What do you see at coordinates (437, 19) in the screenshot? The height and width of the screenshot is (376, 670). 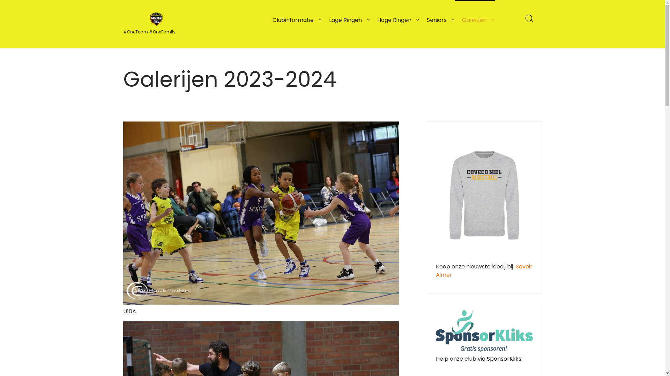 I see `'Seniors'` at bounding box center [437, 19].